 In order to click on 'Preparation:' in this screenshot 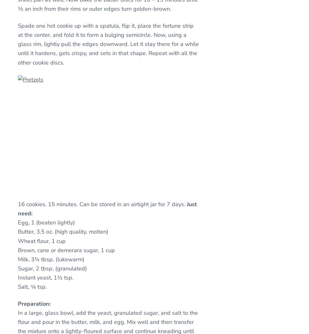, I will do `click(34, 303)`.